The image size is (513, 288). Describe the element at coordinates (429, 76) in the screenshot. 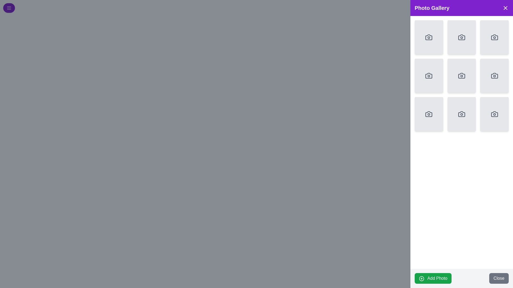

I see `the gray camera icon, which is the second item in the second row of a 3x3 grid layout` at that location.